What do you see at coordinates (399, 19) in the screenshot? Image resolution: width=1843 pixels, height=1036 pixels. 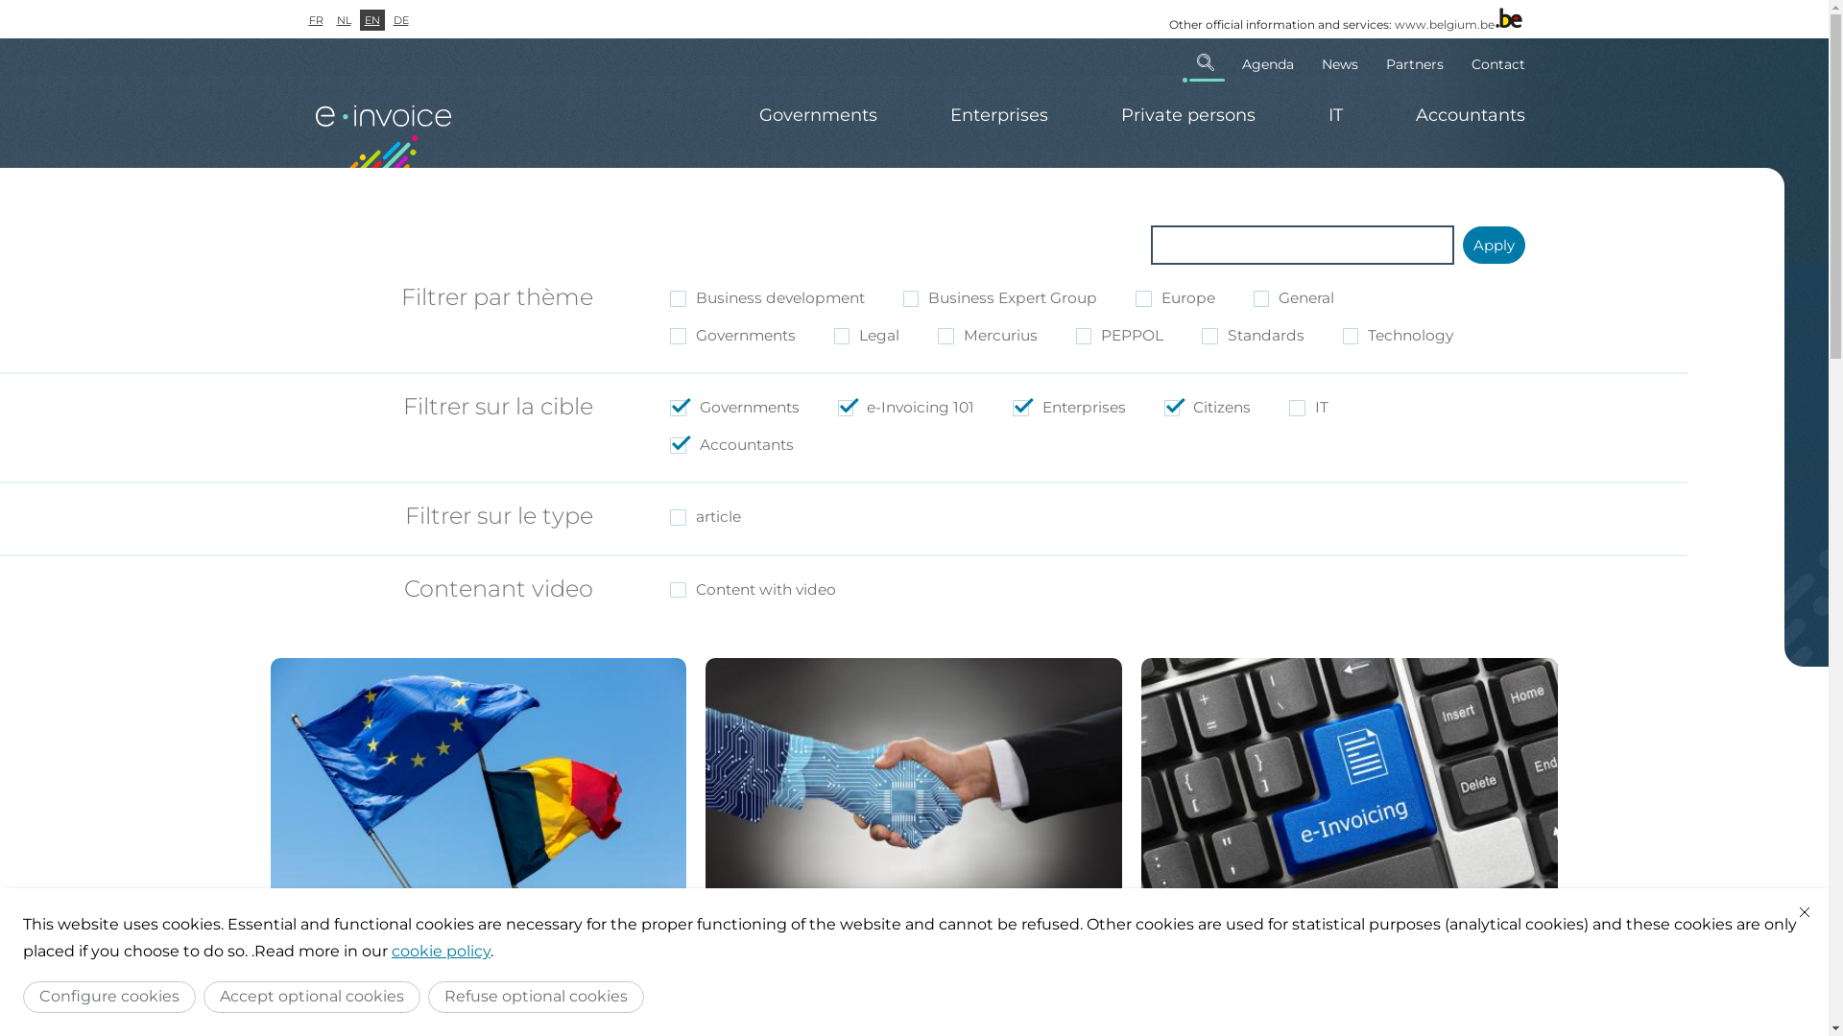 I see `'DE'` at bounding box center [399, 19].